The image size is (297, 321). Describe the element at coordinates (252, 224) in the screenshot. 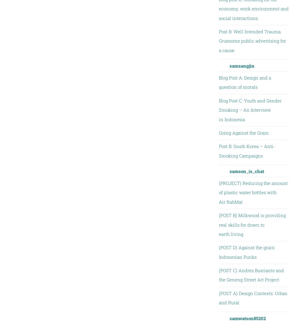

I see `'(POST B) Milkwood is providing real skills for down to earth living'` at that location.